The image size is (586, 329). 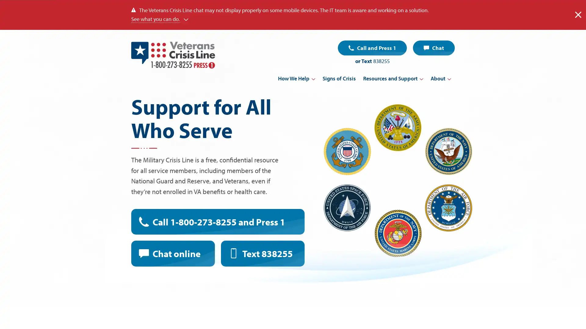 I want to click on Close Banner, so click(x=578, y=14).